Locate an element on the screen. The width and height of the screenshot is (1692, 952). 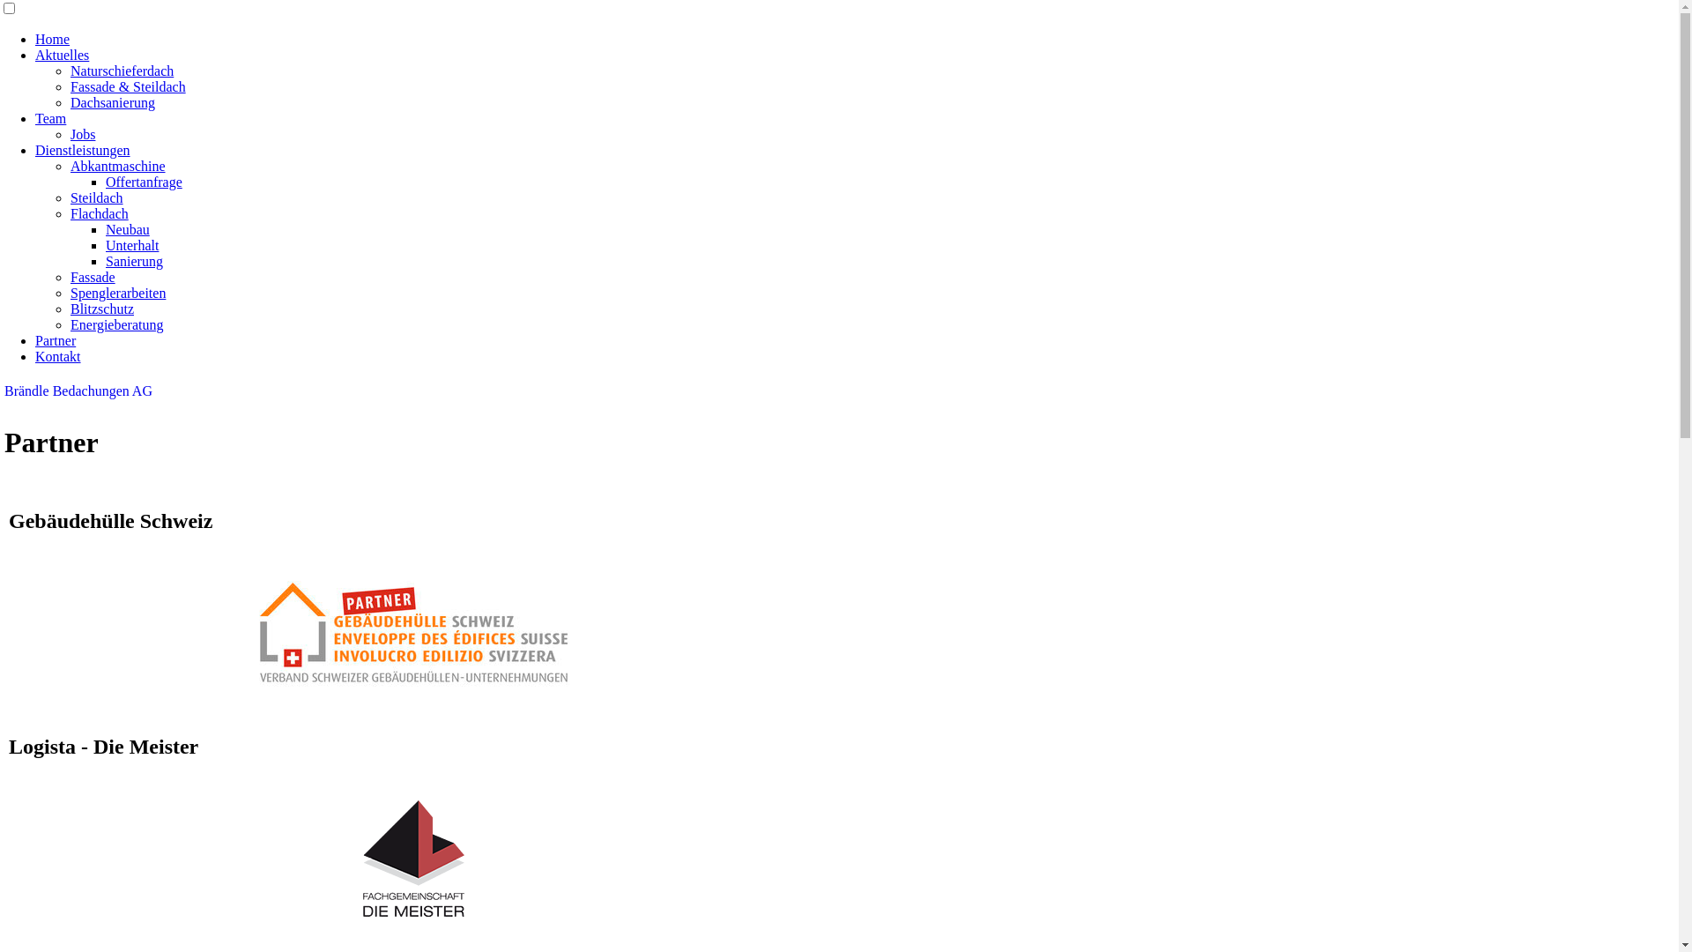
'Jobs' is located at coordinates (82, 133).